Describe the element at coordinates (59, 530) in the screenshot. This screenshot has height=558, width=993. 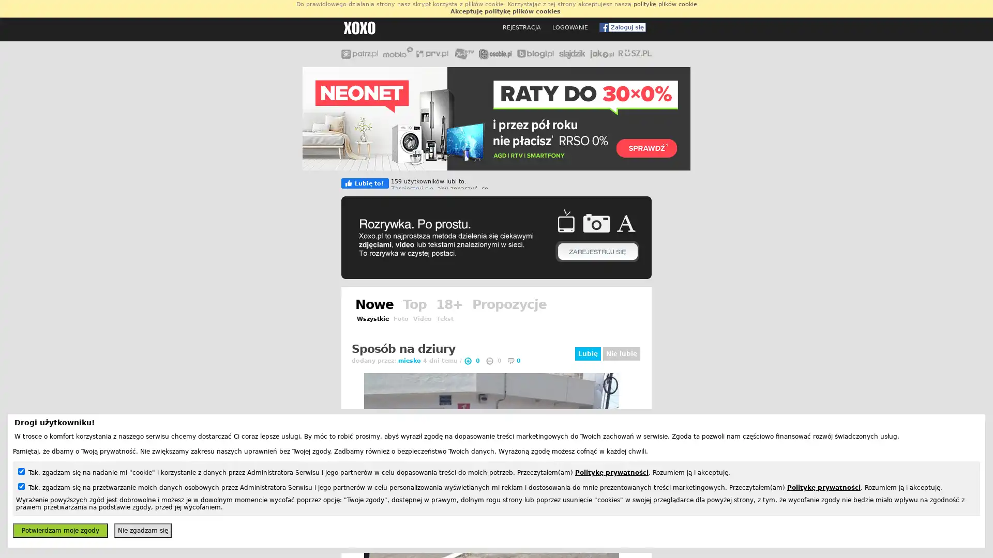
I see `Potwierdzam moje zgody` at that location.